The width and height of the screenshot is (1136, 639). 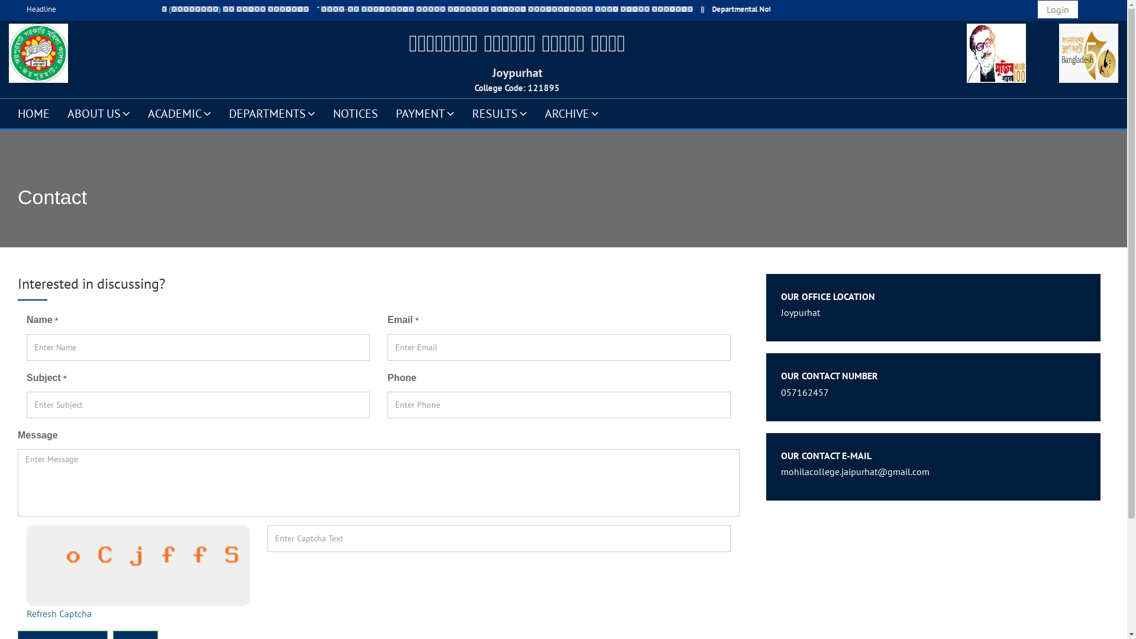 What do you see at coordinates (59, 613) in the screenshot?
I see `'Refresh Captcha'` at bounding box center [59, 613].